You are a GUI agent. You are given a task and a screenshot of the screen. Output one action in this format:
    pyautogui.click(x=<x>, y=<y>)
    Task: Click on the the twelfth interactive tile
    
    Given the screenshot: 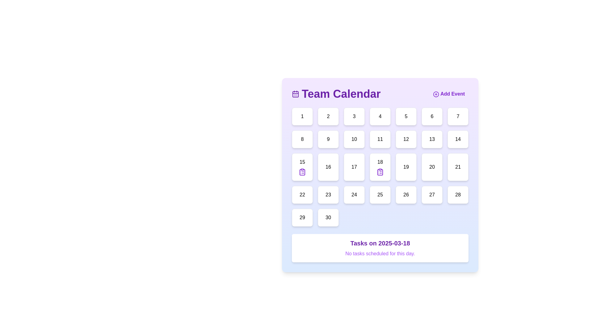 What is the action you would take?
    pyautogui.click(x=406, y=139)
    